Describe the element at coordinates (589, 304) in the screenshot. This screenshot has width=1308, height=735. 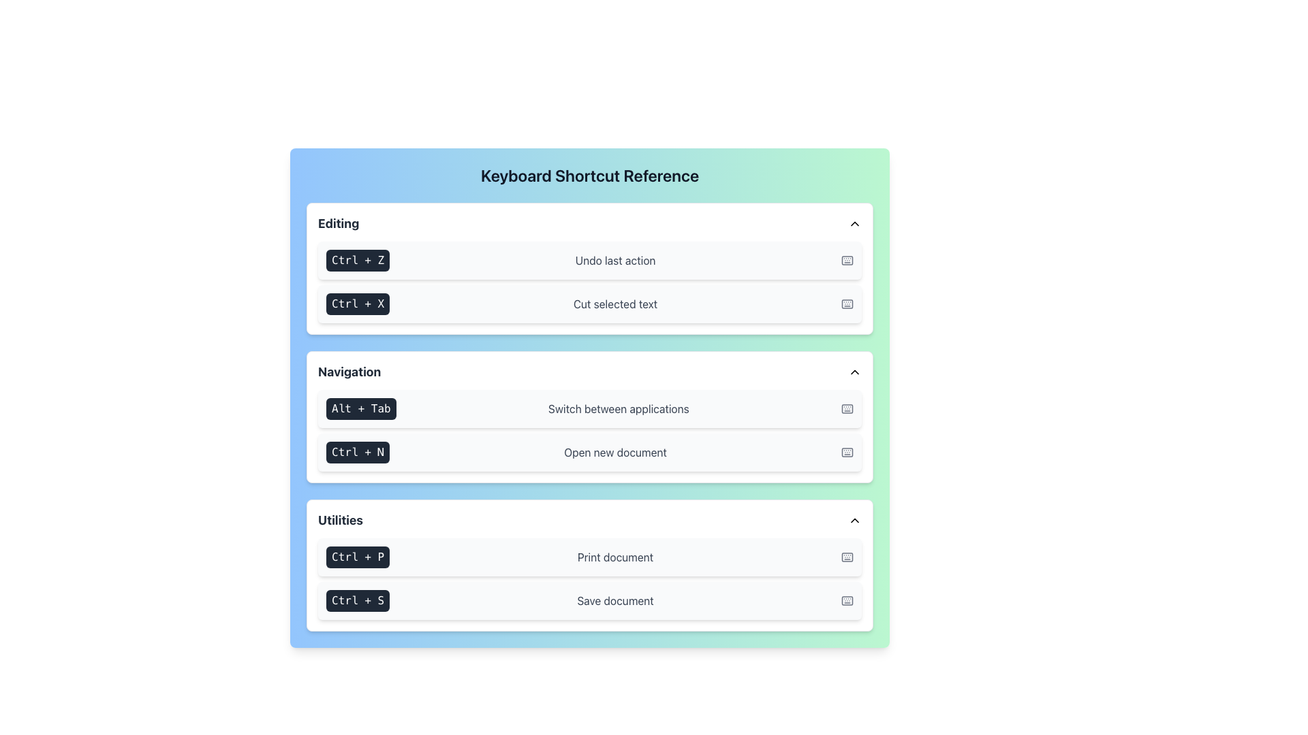
I see `the second item in the 'Editing' category of the keyboard shortcut reference layout, which shows the keyboard shortcut 'Ctrl + X' for cutting selected text` at that location.